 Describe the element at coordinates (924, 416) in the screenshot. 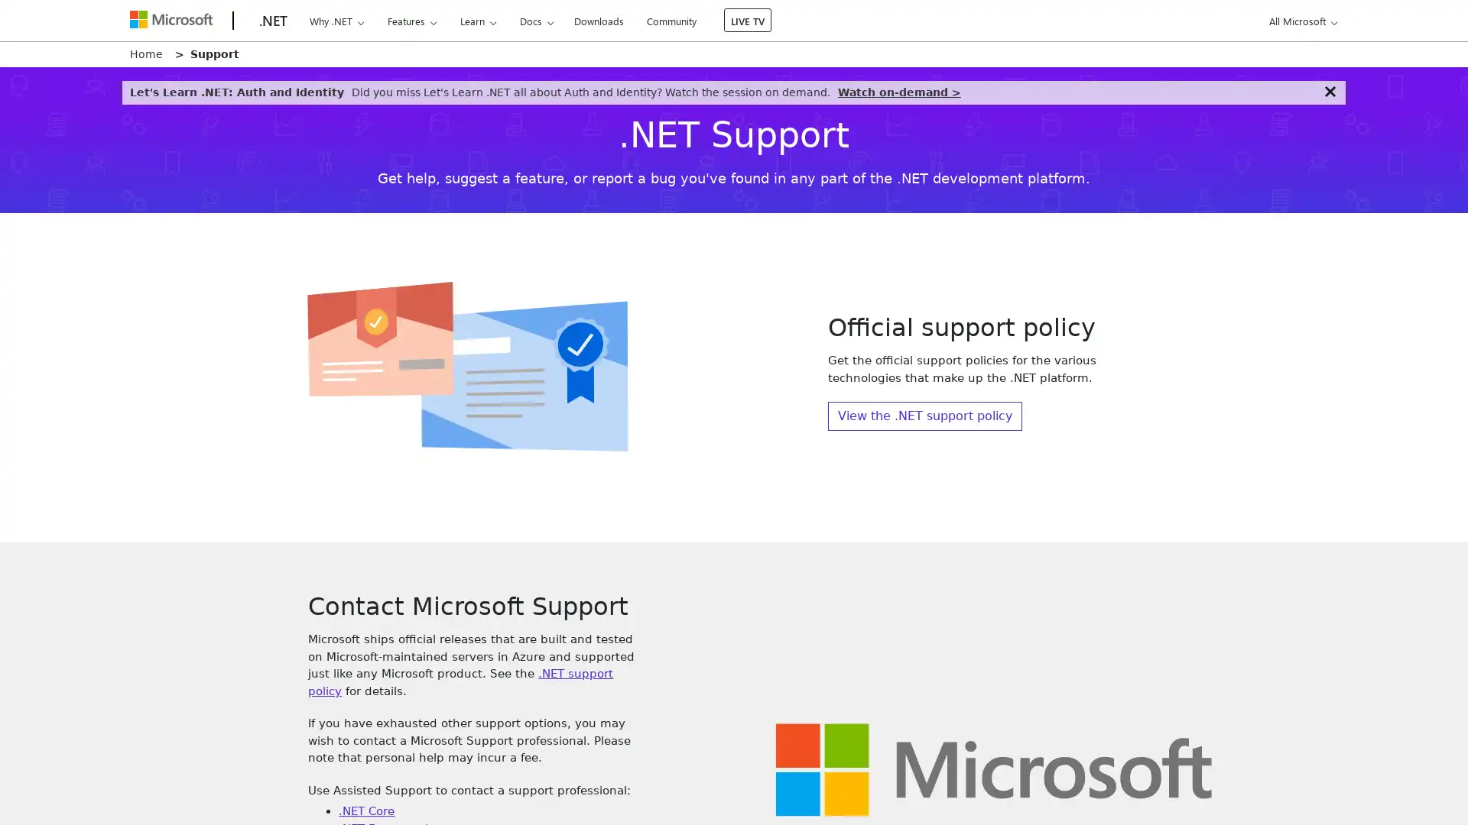

I see `View the .NET support policy` at that location.